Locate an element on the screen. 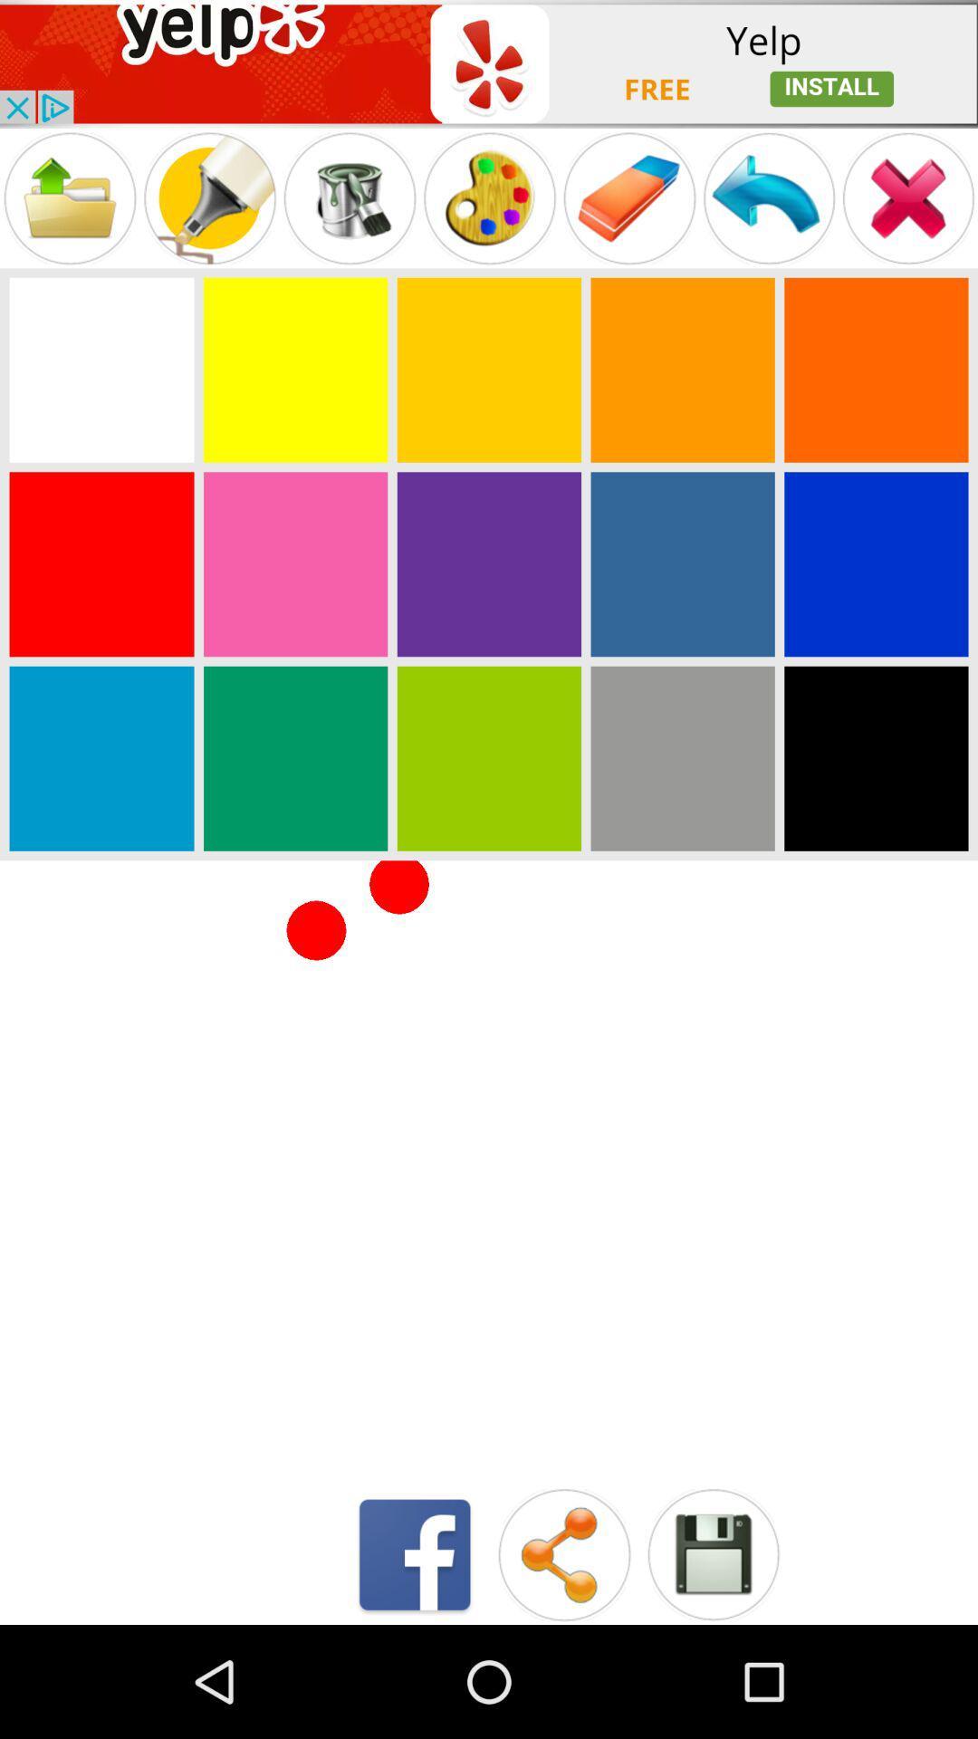  choose pink color is located at coordinates (294, 563).